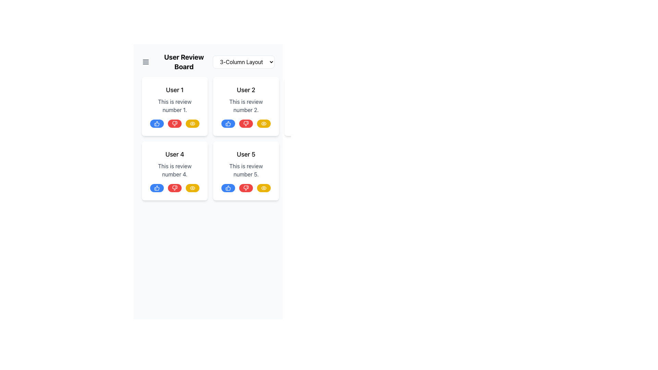 The image size is (658, 370). I want to click on the 'like' button for the review associated with 'User 5', so click(228, 188).